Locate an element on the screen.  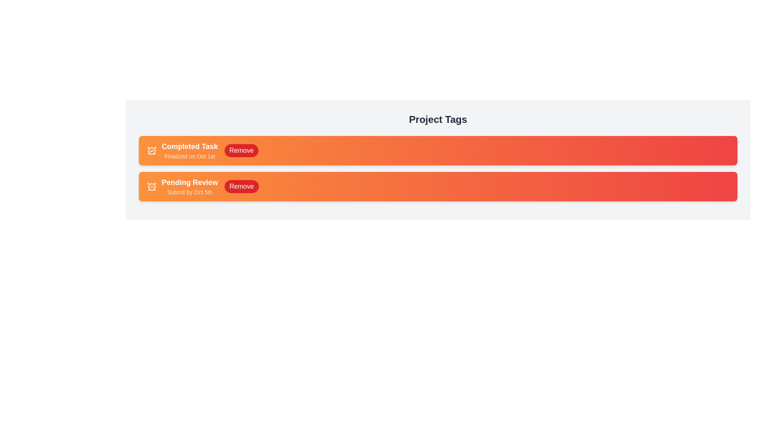
'Remove' button for the tag labeled 'Pending Review' is located at coordinates (241, 186).